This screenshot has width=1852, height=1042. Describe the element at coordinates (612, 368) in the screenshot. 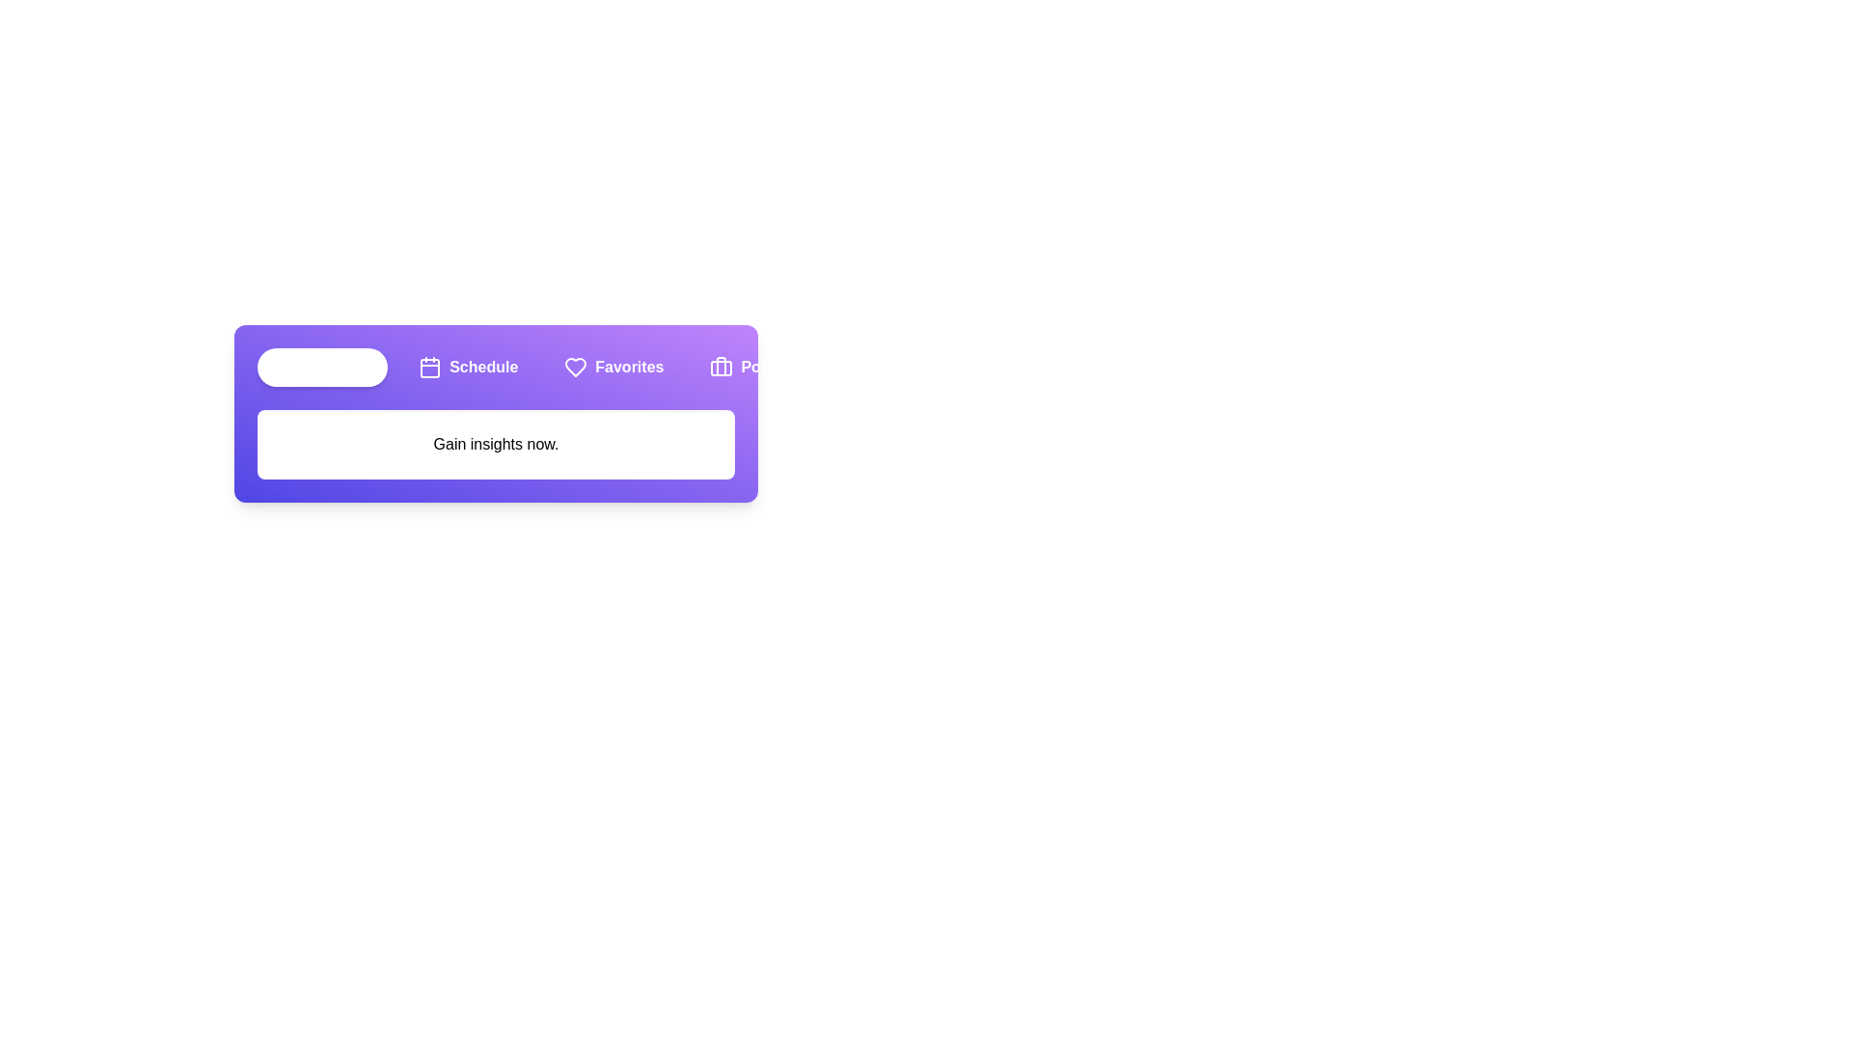

I see `the tab labeled Favorites to view its content` at that location.